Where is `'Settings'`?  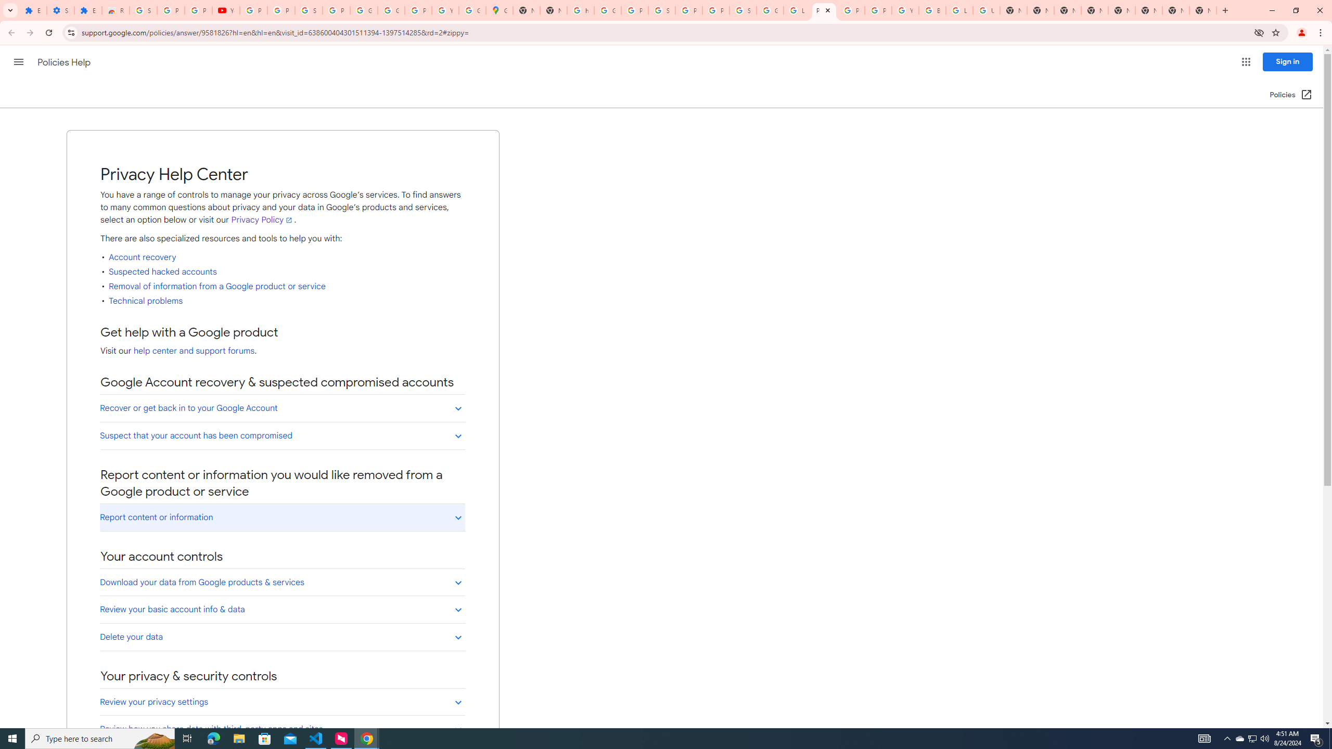 'Settings' is located at coordinates (60, 10).